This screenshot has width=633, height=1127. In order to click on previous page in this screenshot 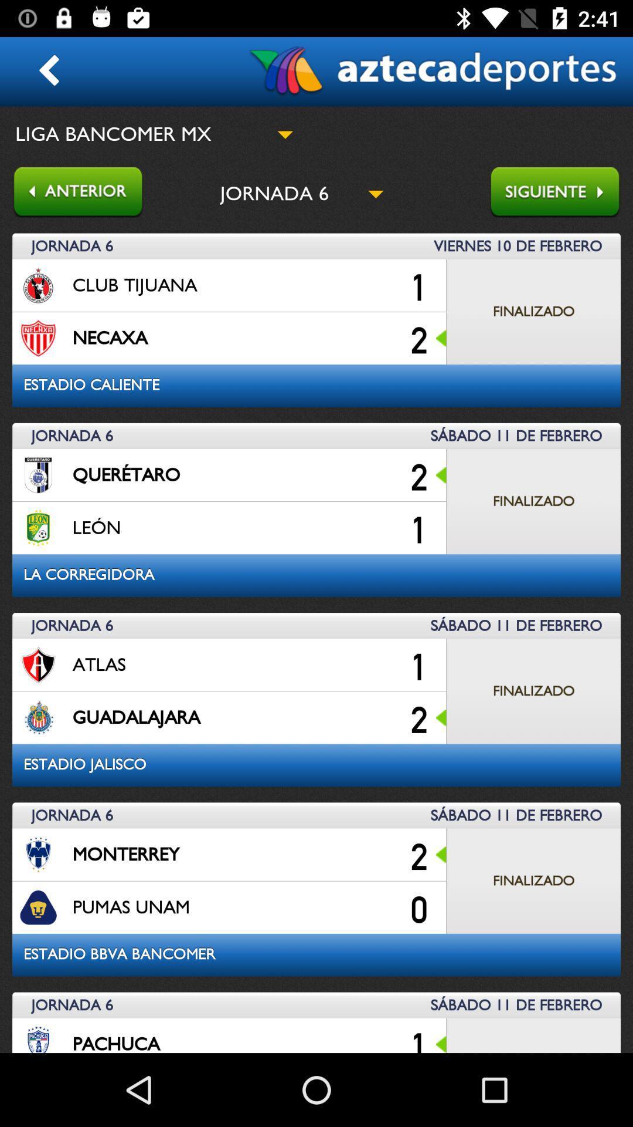, I will do `click(72, 193)`.